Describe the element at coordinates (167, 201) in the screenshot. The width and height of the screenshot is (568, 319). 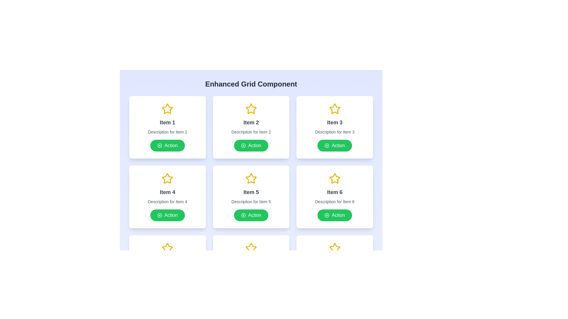
I see `informational text label located below the title 'Item 4' and above the button labeled 'Action' in the second row's first column of the grid layout` at that location.